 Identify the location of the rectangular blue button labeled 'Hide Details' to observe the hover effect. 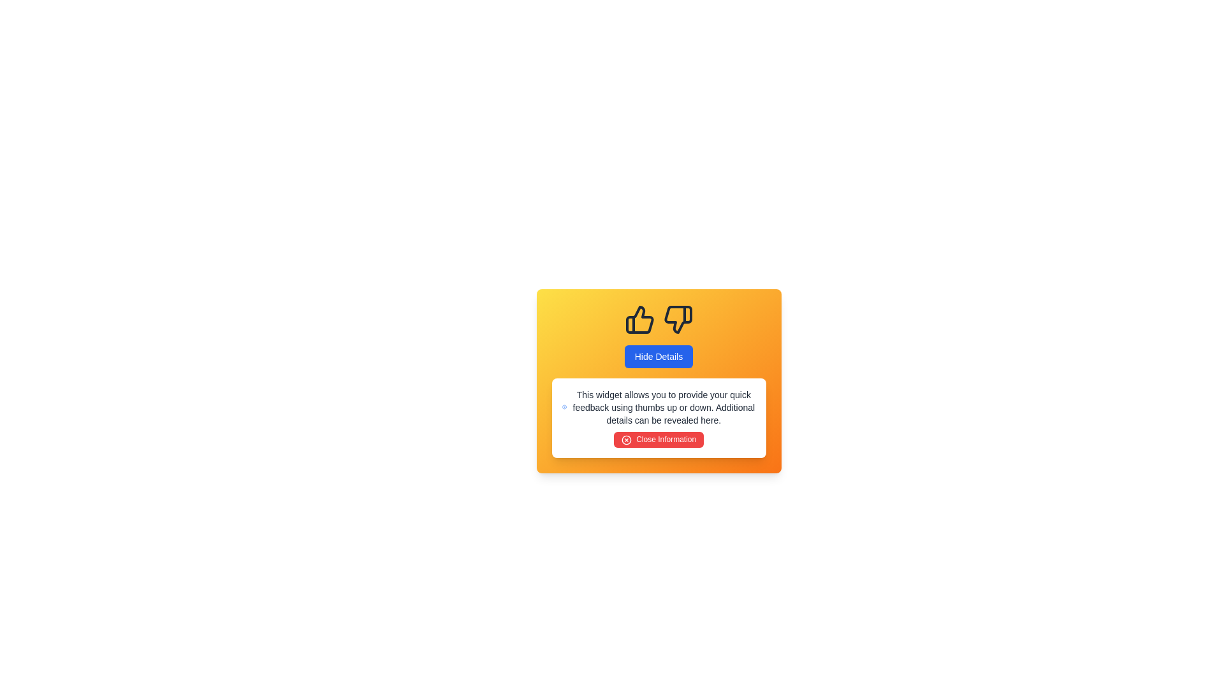
(659, 356).